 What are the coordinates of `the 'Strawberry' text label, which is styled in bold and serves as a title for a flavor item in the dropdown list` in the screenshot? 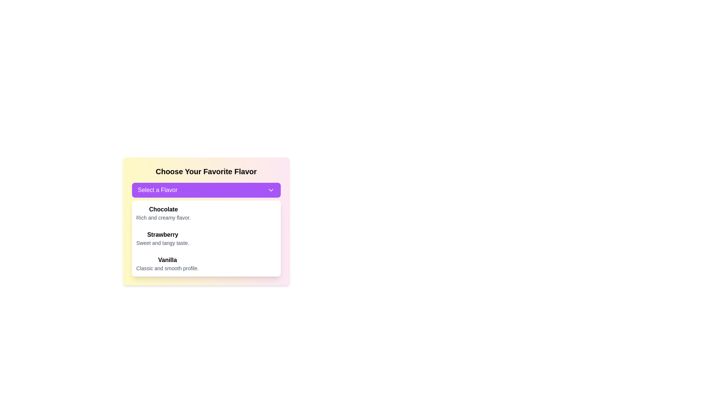 It's located at (162, 235).